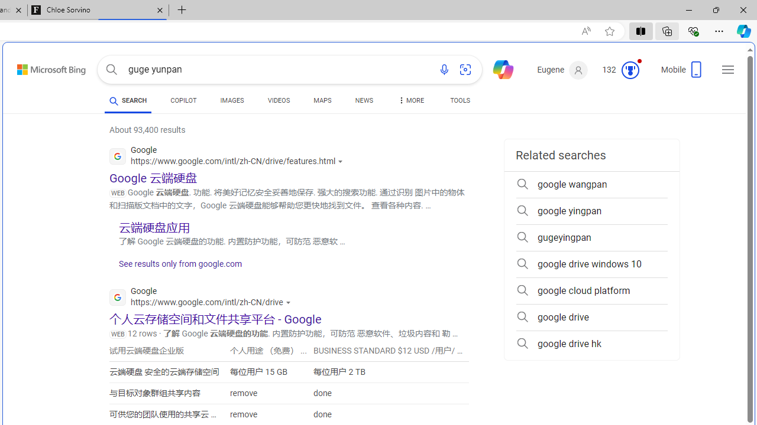 The height and width of the screenshot is (425, 757). Describe the element at coordinates (591, 264) in the screenshot. I see `'google drive windows 10'` at that location.